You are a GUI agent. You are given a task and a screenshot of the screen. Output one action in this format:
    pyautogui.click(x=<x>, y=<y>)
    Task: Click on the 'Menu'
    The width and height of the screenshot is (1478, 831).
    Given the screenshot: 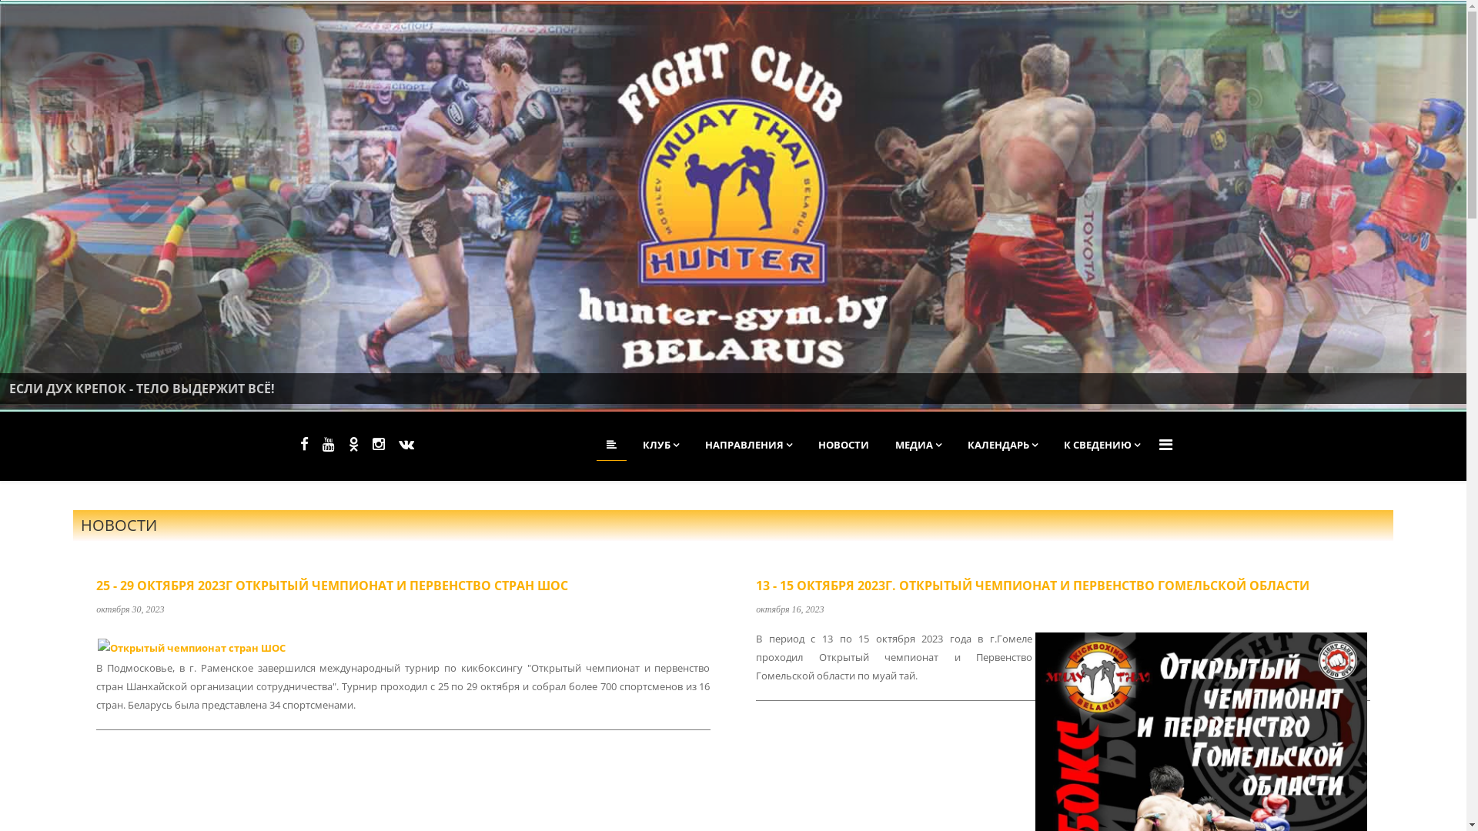 What is the action you would take?
    pyautogui.click(x=1165, y=445)
    